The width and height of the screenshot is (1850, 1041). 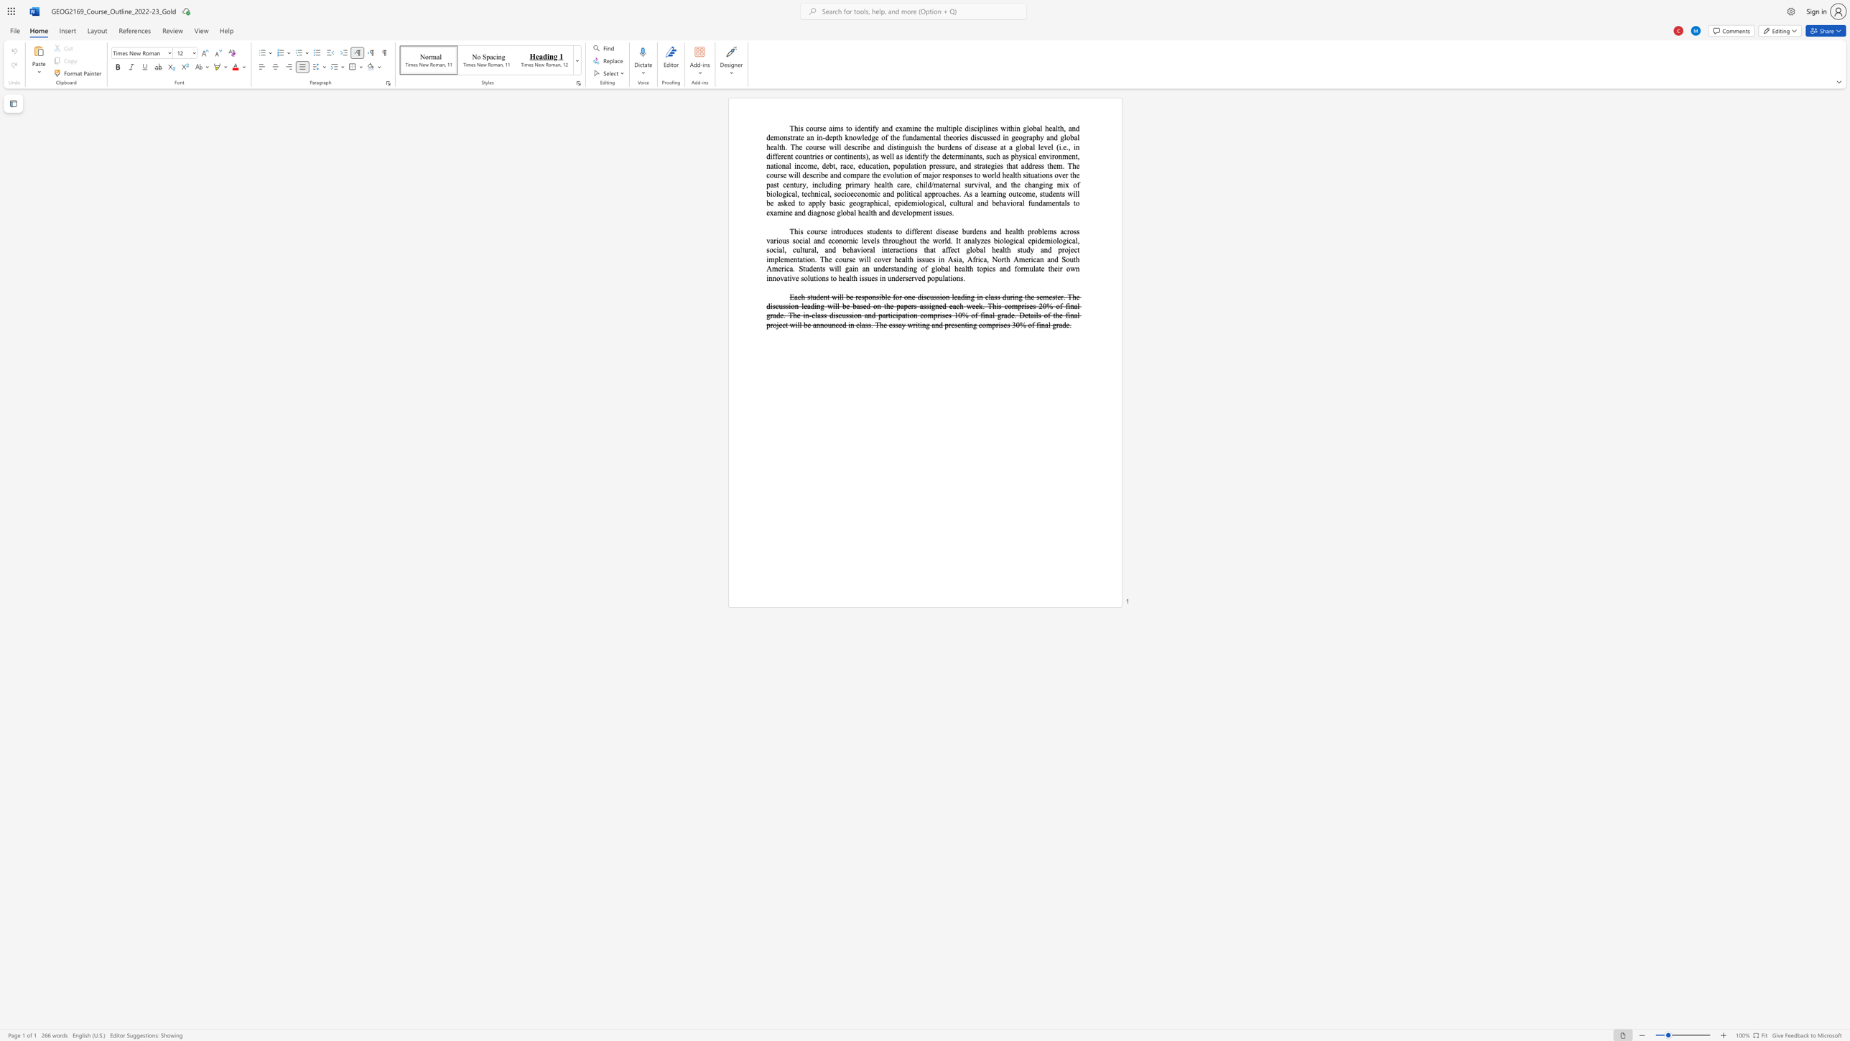 What do you see at coordinates (968, 165) in the screenshot?
I see `the 1th character "d" in the text` at bounding box center [968, 165].